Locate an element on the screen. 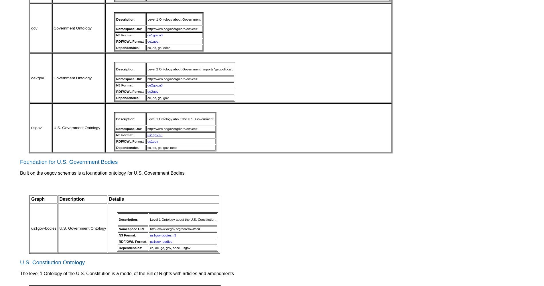  'us1gov-bodies.n3' is located at coordinates (163, 235).